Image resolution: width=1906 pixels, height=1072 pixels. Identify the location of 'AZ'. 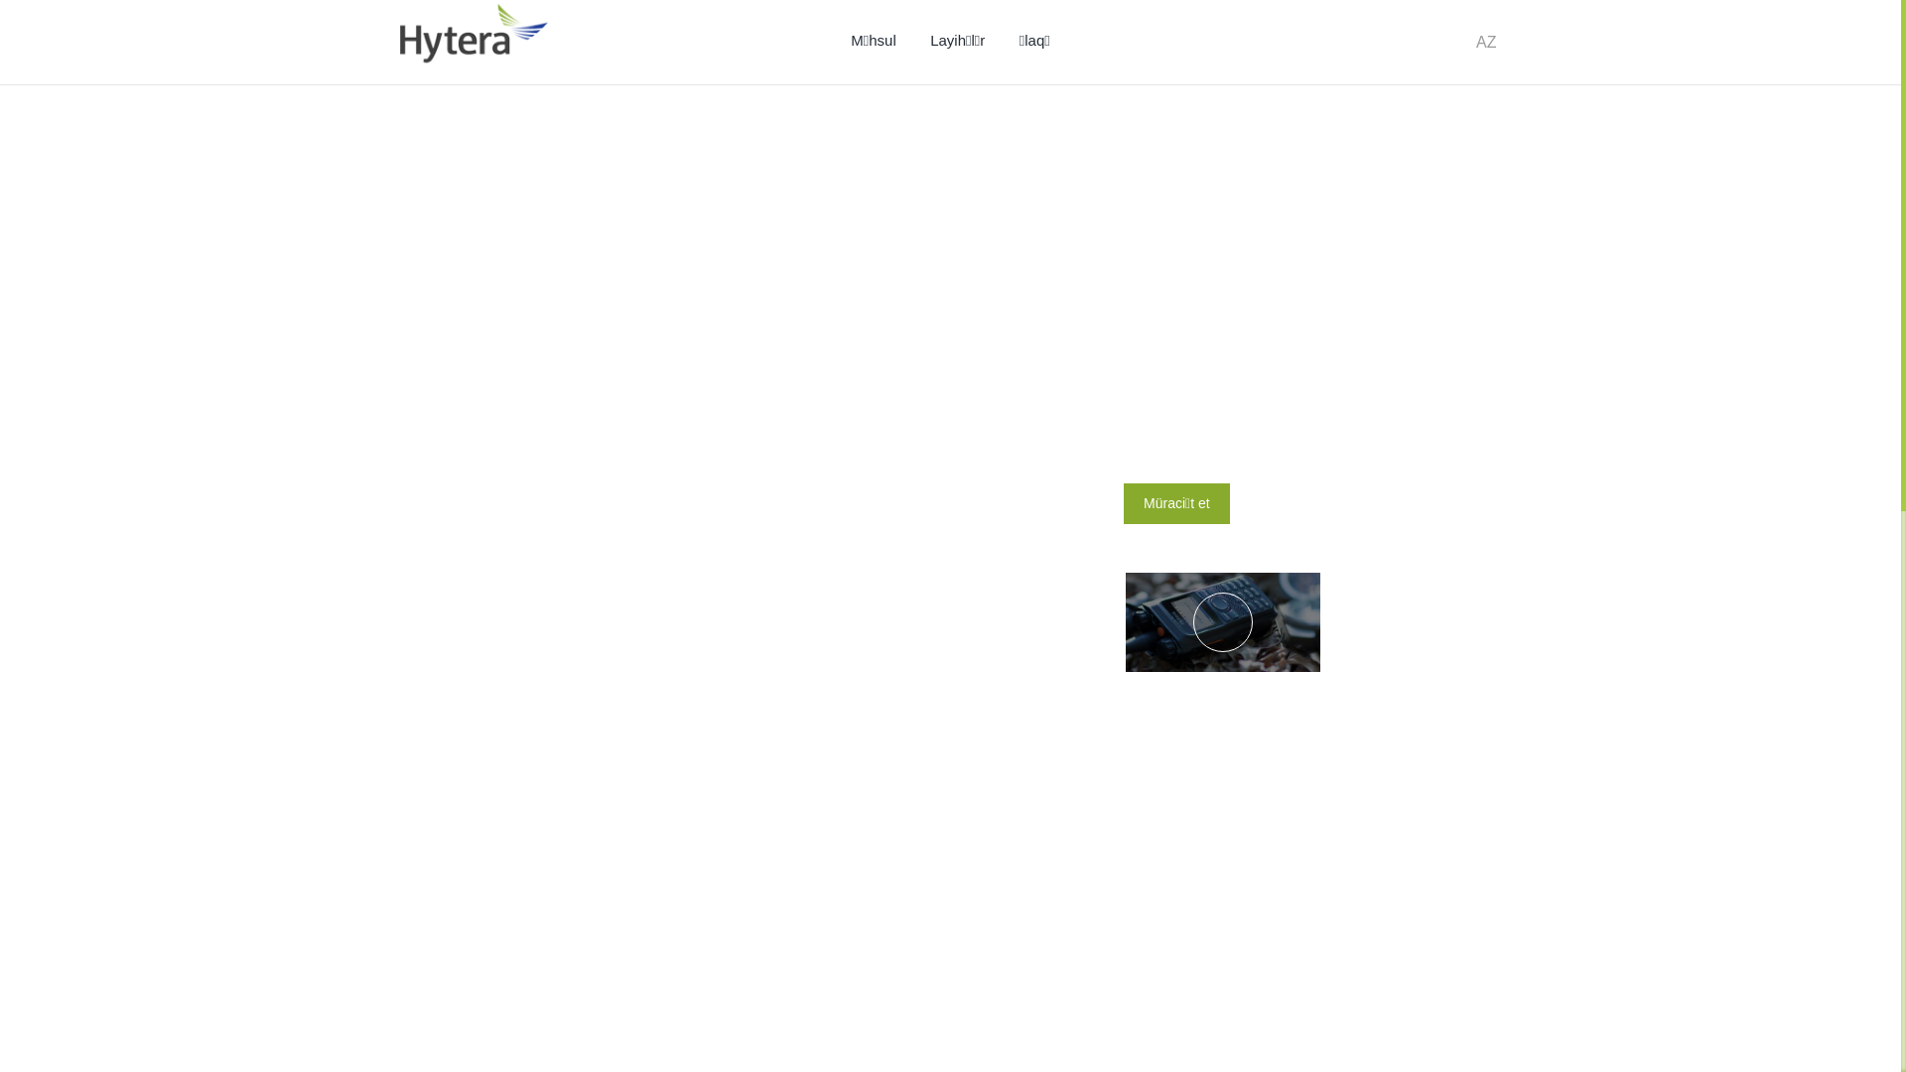
(1486, 42).